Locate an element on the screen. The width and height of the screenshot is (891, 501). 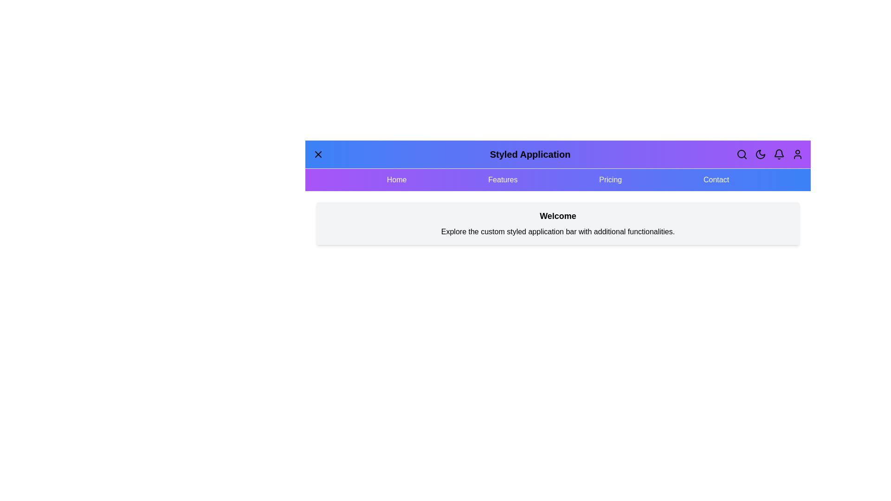
the button with the aria-label 'Toggle Menu' to toggle the menu visibility is located at coordinates (318, 154).